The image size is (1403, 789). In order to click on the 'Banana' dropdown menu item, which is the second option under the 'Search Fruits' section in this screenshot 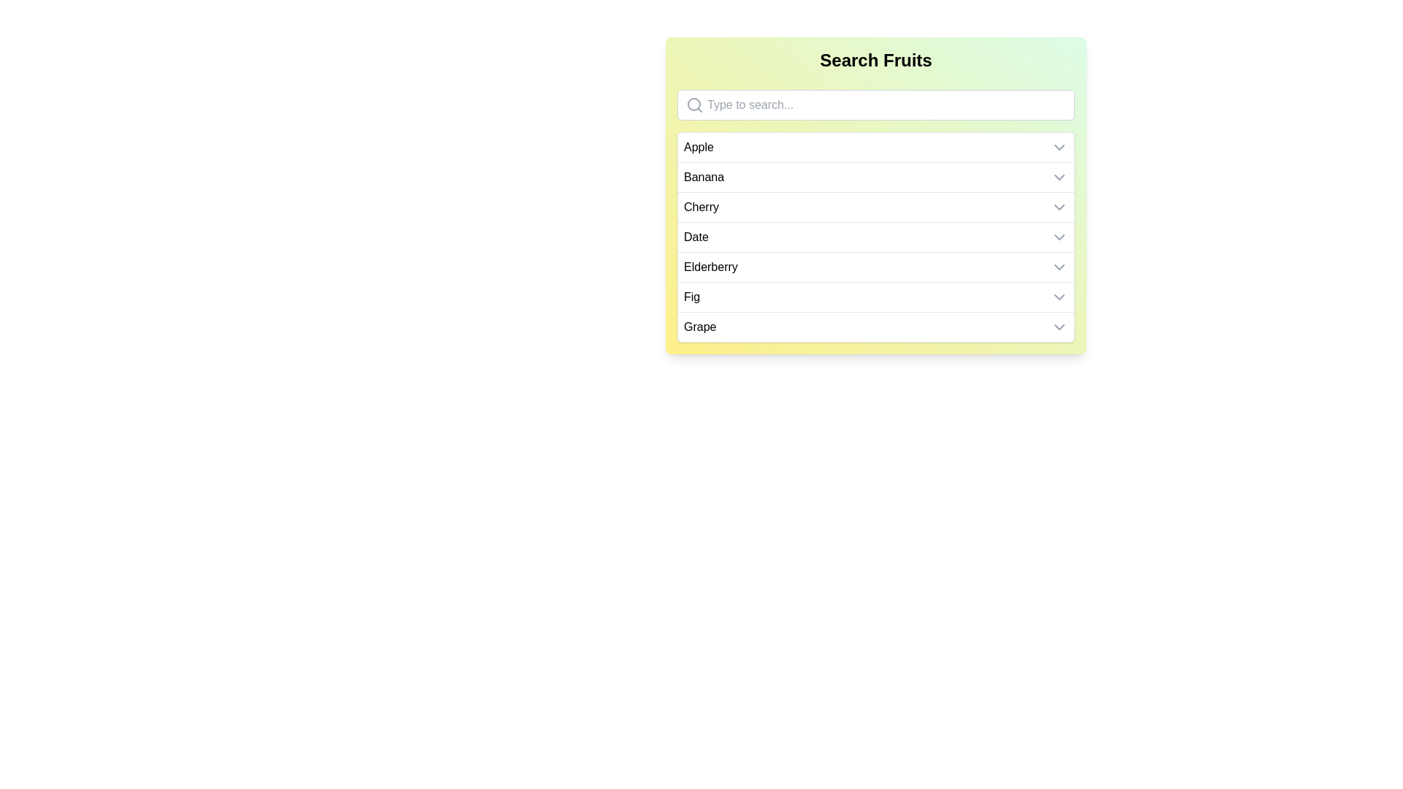, I will do `click(876, 177)`.